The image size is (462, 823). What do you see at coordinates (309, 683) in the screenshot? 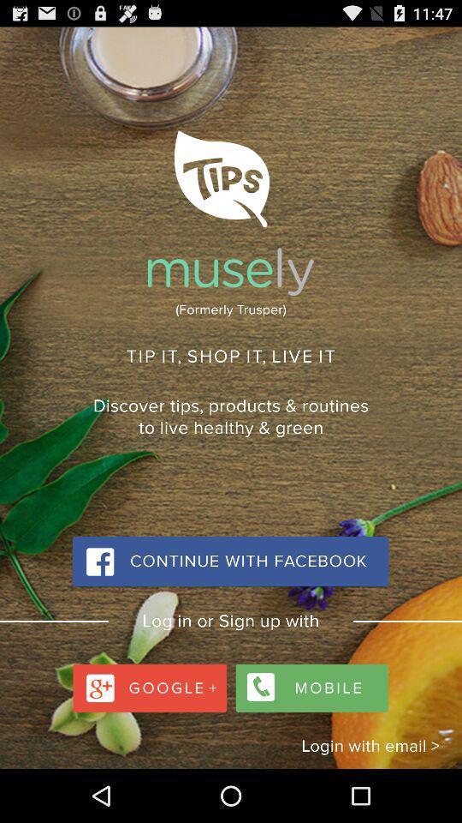
I see `login through mobile number` at bounding box center [309, 683].